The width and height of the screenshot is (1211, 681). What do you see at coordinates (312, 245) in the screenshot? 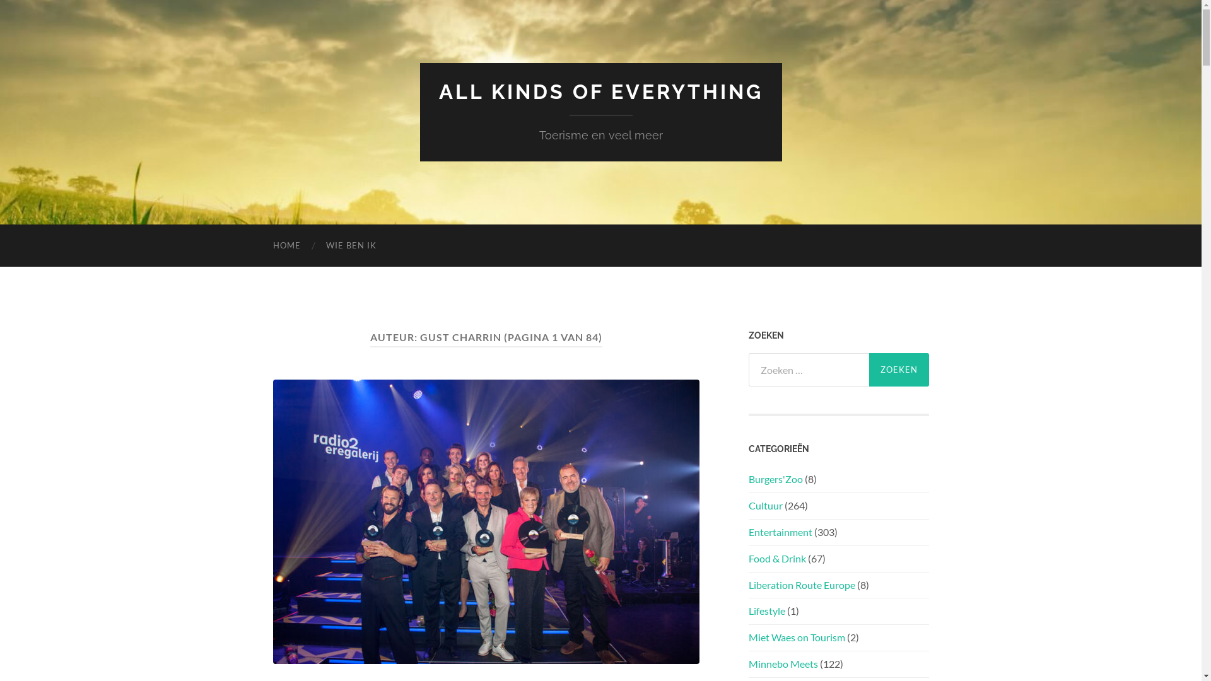
I see `'WIE BEN IK'` at bounding box center [312, 245].